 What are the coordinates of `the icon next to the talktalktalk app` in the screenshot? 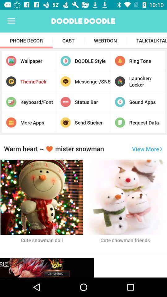 It's located at (105, 40).